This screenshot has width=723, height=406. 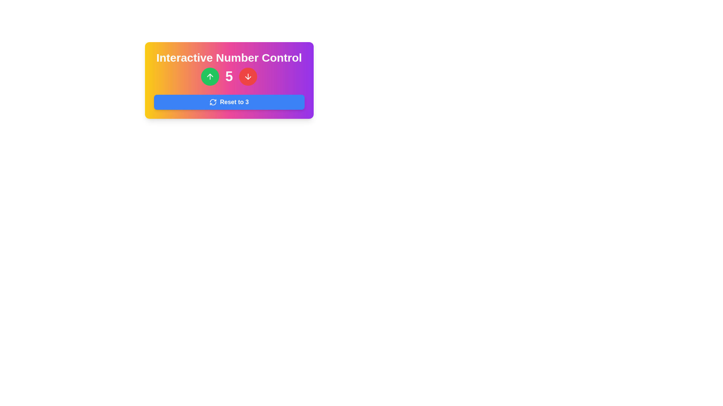 I want to click on the static text display that shows the current numerical value, which is located between the green upward arrow button and the red downward arrow button, so click(x=229, y=77).